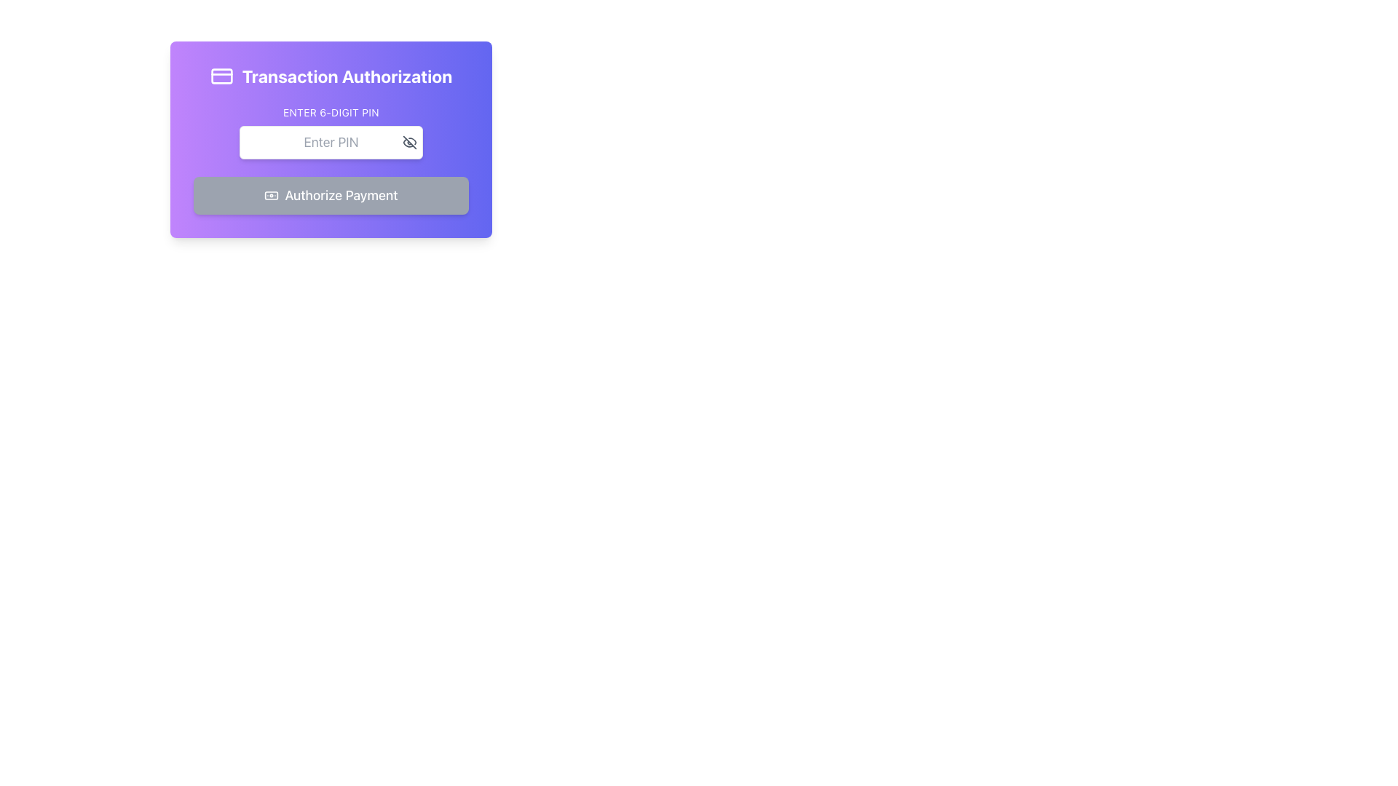 This screenshot has height=786, width=1398. What do you see at coordinates (221, 76) in the screenshot?
I see `the credit card icon with a white outline on a purple background, located at the top-left of the 'Transaction Authorization' section` at bounding box center [221, 76].